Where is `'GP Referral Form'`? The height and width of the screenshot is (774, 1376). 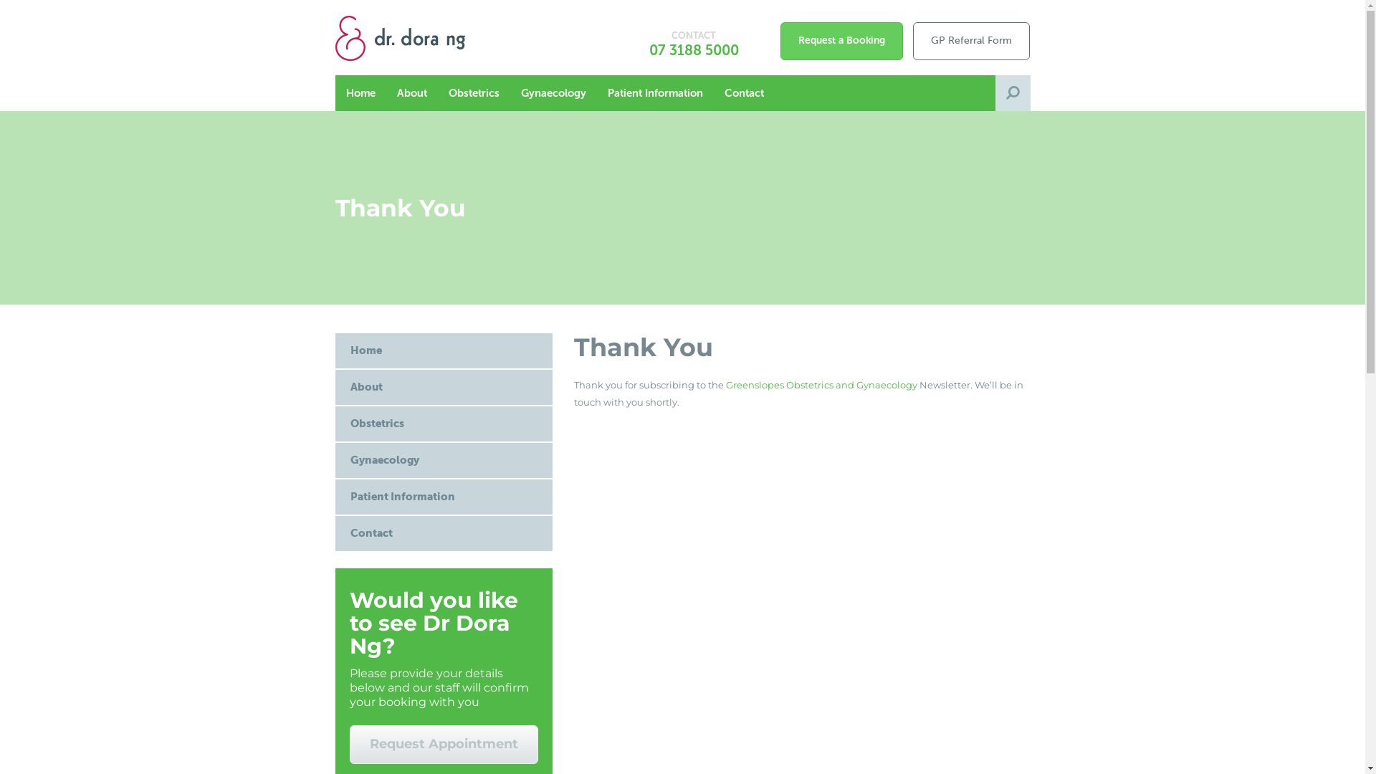
'GP Referral Form' is located at coordinates (971, 40).